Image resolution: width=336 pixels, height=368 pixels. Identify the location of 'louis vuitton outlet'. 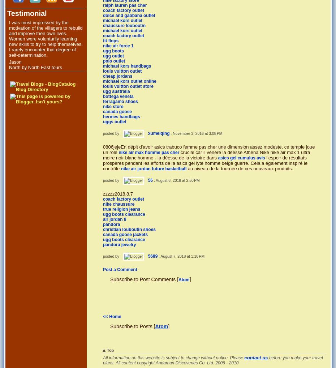
(122, 70).